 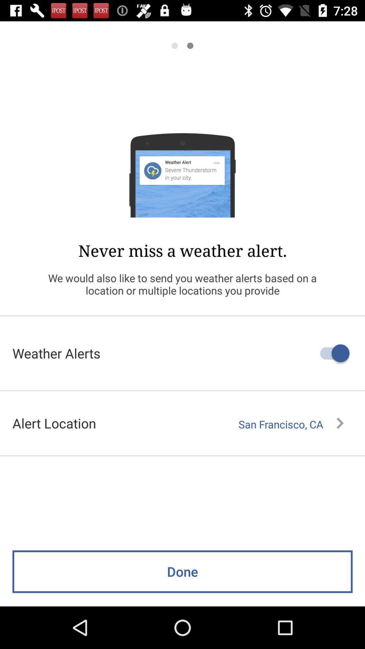 I want to click on icon to the right of the alert location, so click(x=291, y=424).